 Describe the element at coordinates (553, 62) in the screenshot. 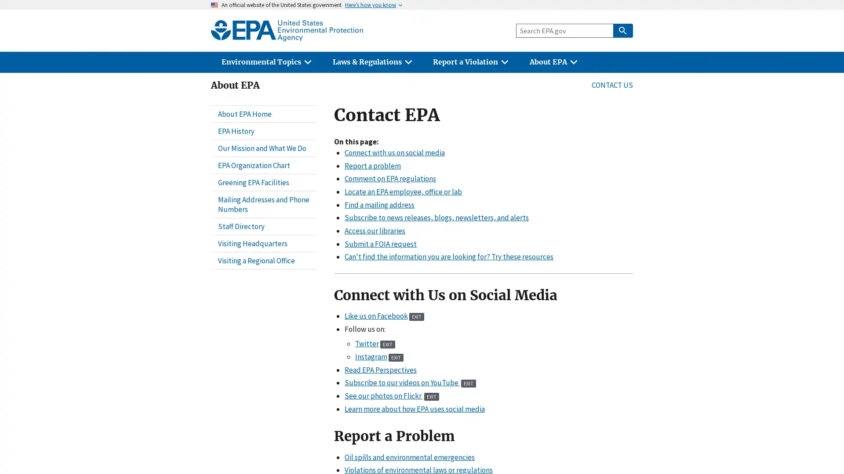

I see `About EPA` at that location.